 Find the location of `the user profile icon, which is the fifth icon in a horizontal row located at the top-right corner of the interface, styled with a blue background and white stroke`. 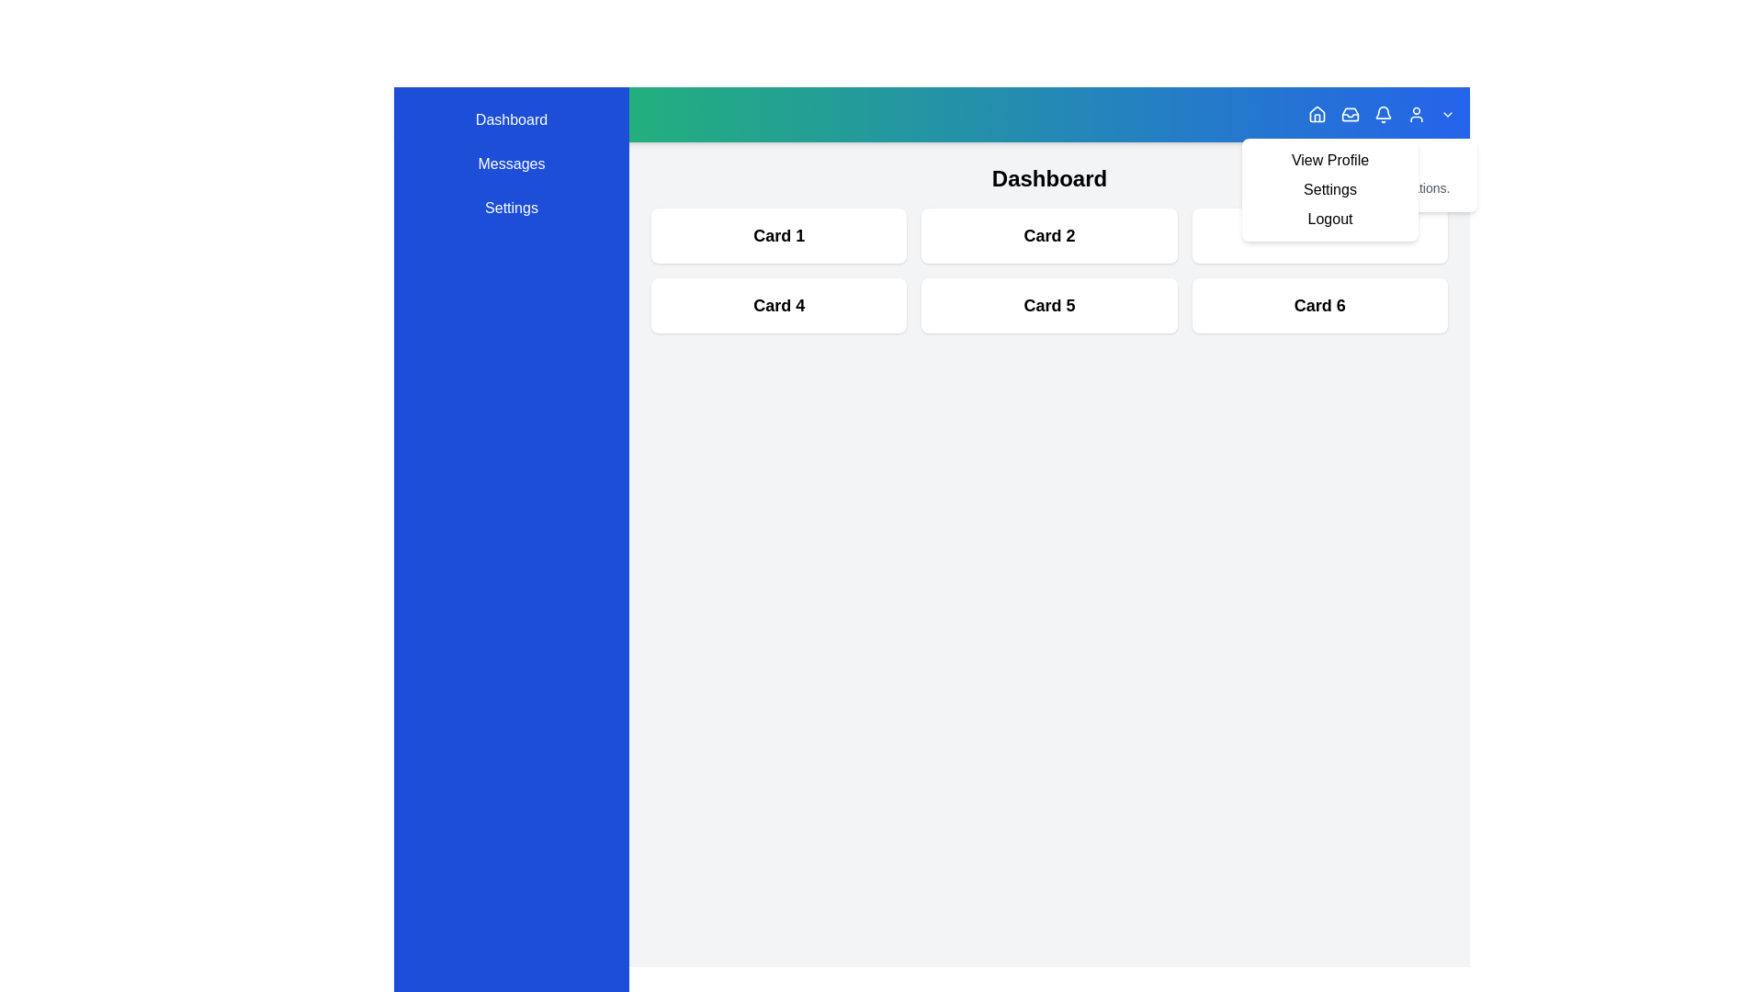

the user profile icon, which is the fifth icon in a horizontal row located at the top-right corner of the interface, styled with a blue background and white stroke is located at coordinates (1415, 114).